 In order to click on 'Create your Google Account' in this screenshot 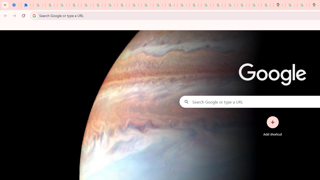, I will do `click(303, 5)`.